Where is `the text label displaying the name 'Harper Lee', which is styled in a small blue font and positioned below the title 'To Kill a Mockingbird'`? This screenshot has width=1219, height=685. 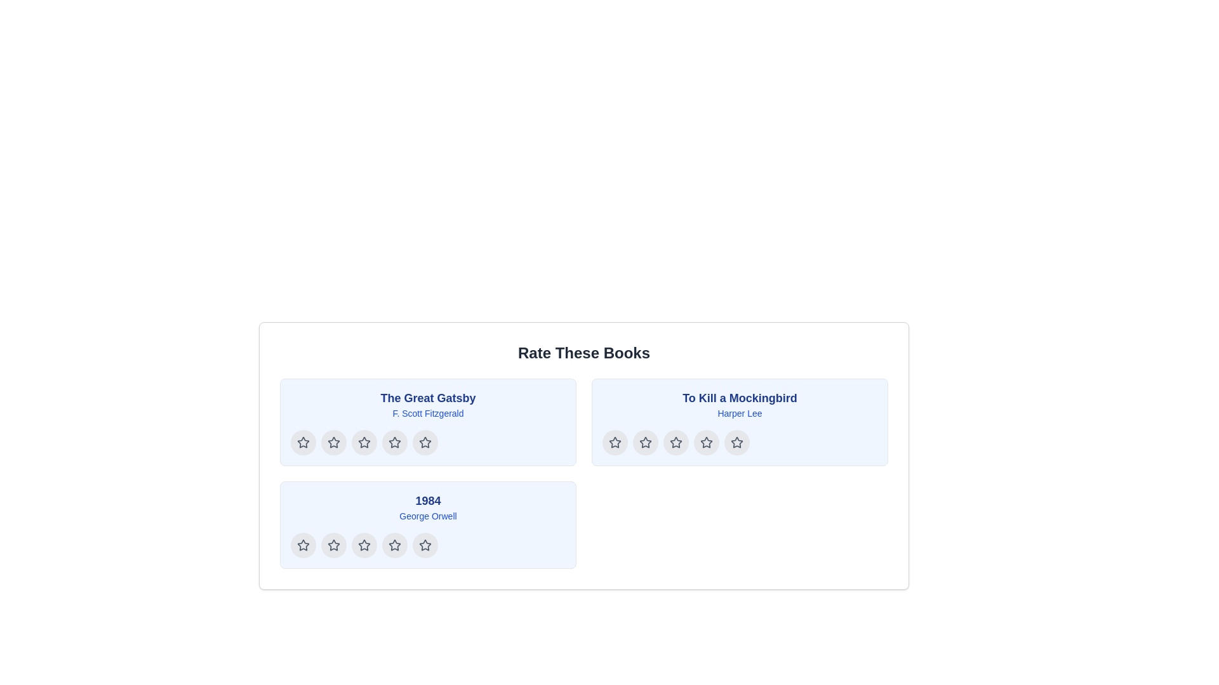
the text label displaying the name 'Harper Lee', which is styled in a small blue font and positioned below the title 'To Kill a Mockingbird' is located at coordinates (740, 413).